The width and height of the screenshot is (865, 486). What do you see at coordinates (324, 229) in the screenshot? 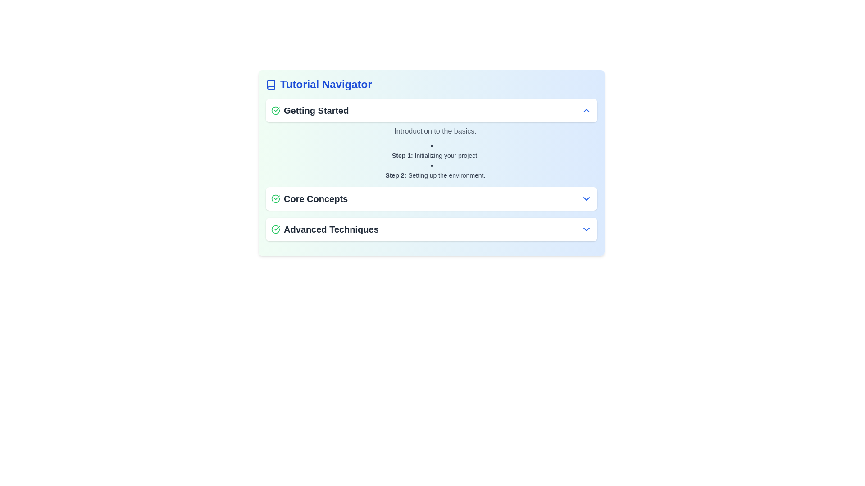
I see `the header text element indicating 'Advanced Techniques', which is positioned to the left of a blue downward arrow icon and adjacent to a green check mark icon` at bounding box center [324, 229].